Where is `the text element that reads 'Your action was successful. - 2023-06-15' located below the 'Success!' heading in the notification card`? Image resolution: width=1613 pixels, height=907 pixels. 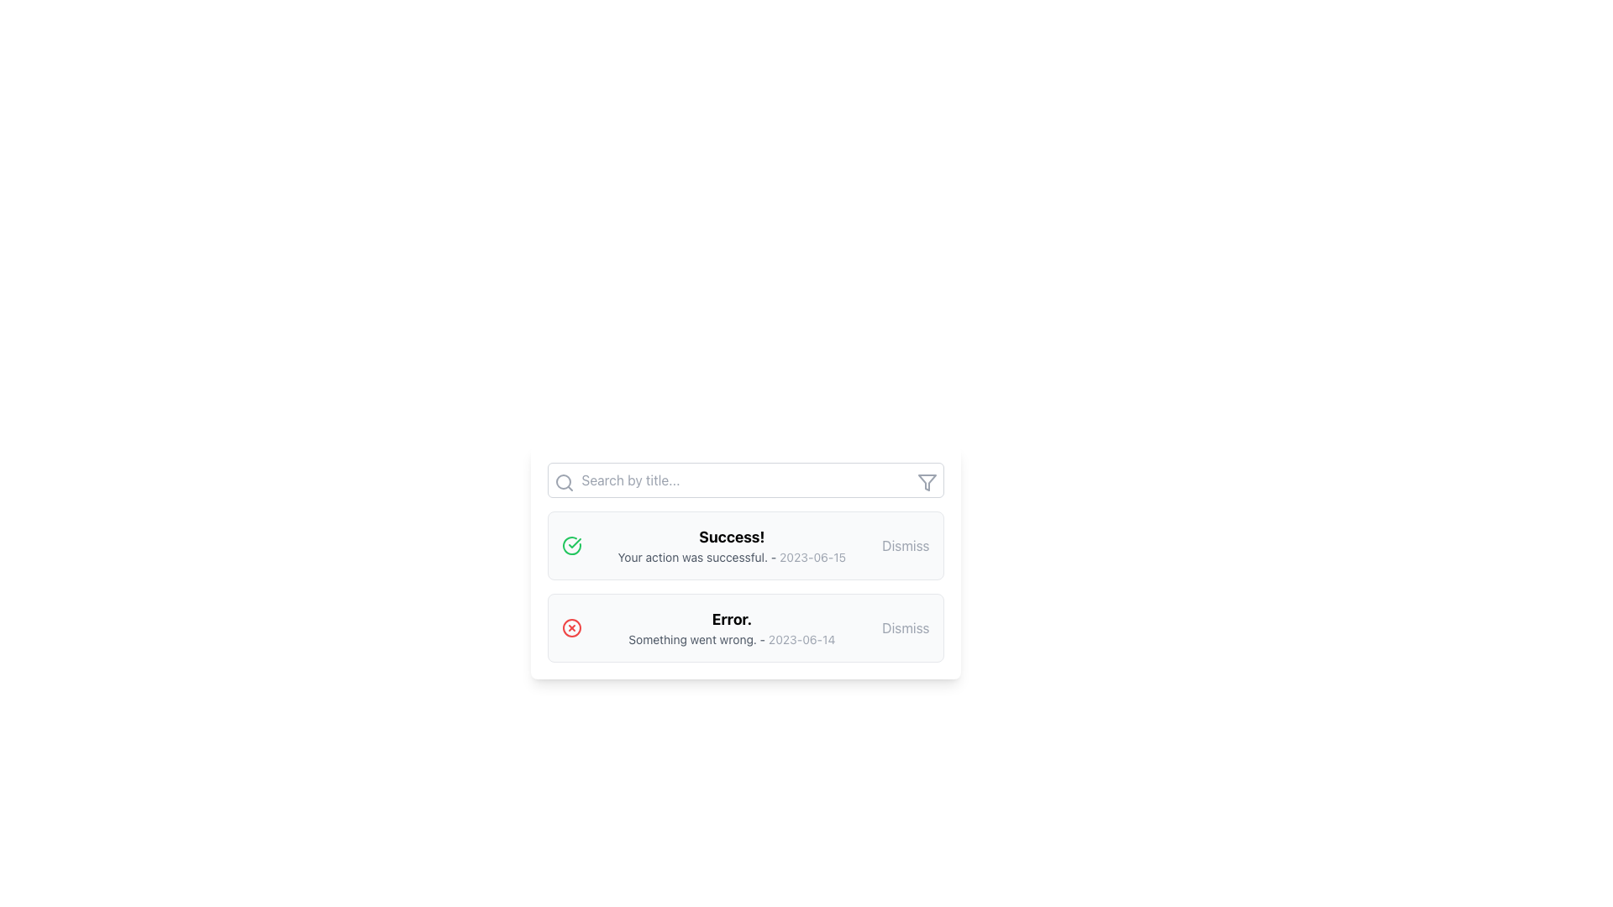
the text element that reads 'Your action was successful. - 2023-06-15' located below the 'Success!' heading in the notification card is located at coordinates (732, 557).